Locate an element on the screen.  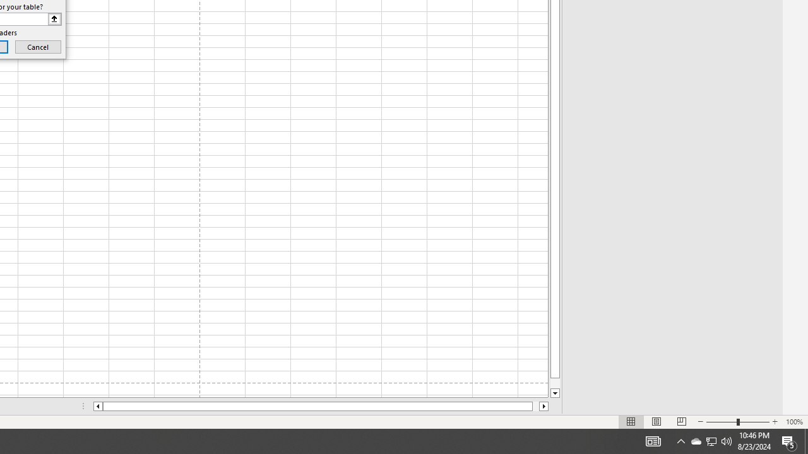
'Zoom In' is located at coordinates (774, 422).